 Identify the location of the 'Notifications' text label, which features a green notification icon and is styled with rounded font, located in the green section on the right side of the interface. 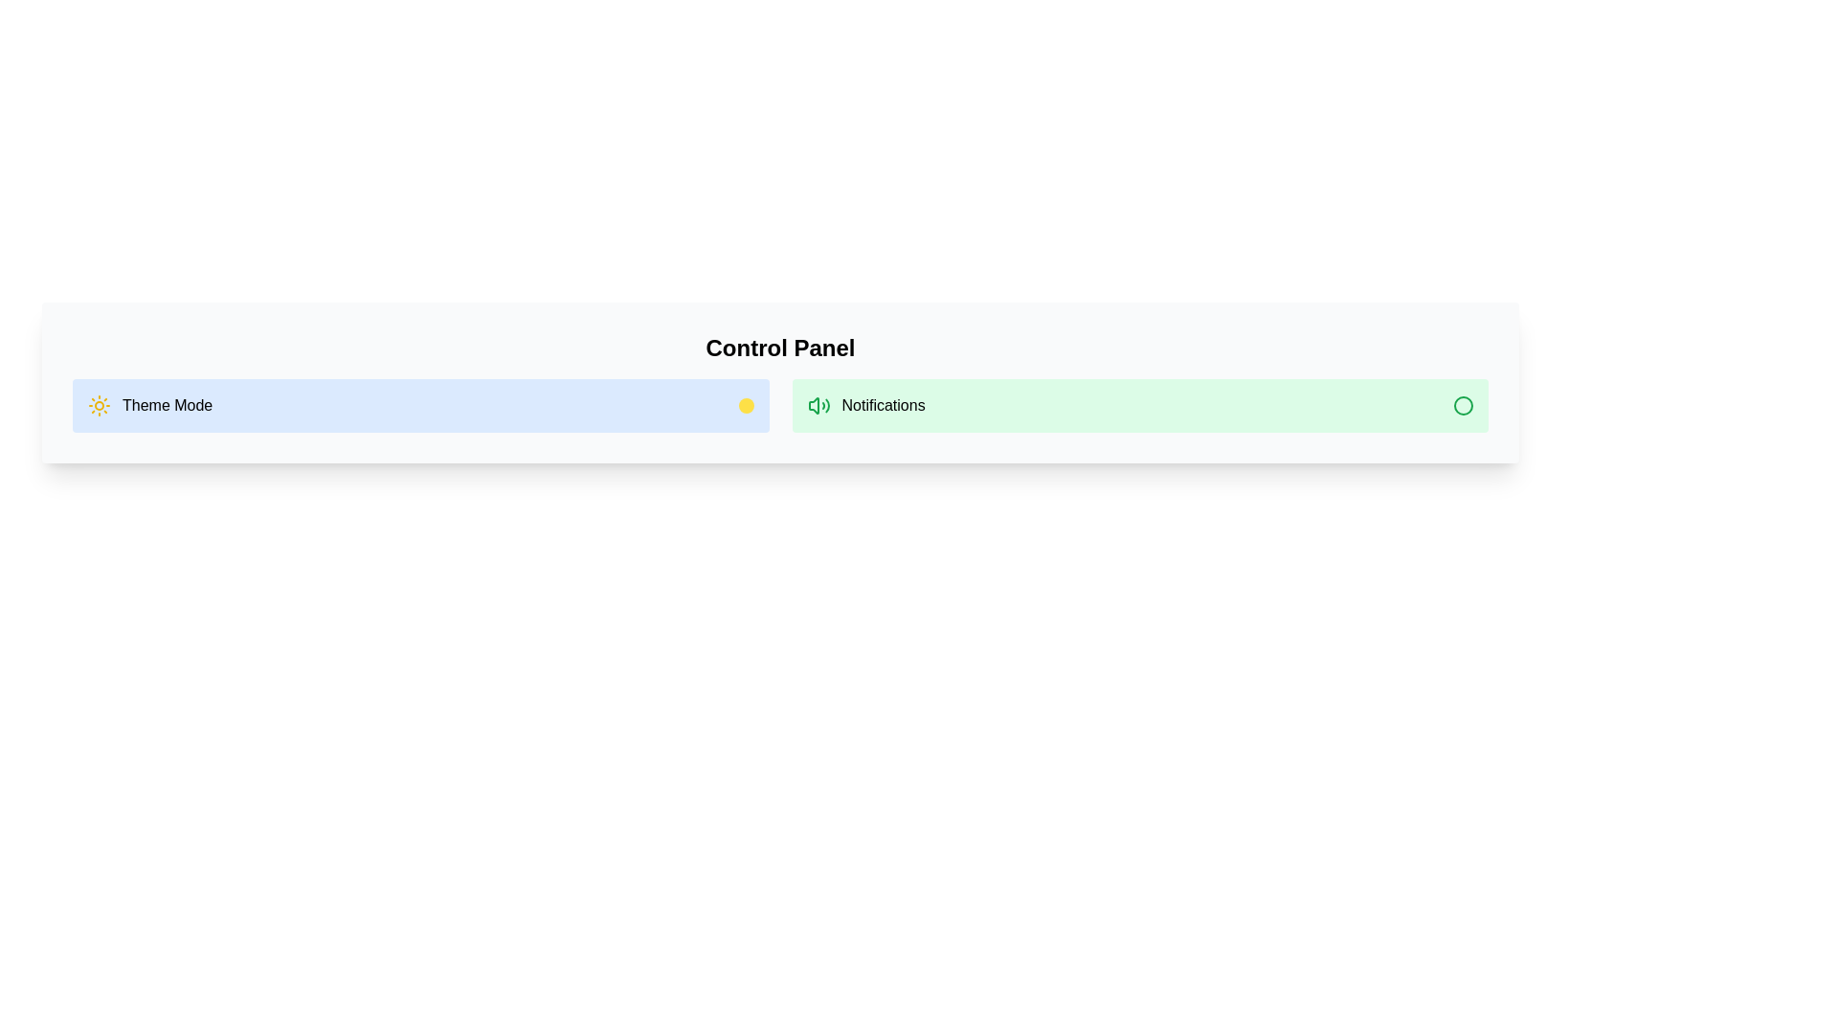
(865, 405).